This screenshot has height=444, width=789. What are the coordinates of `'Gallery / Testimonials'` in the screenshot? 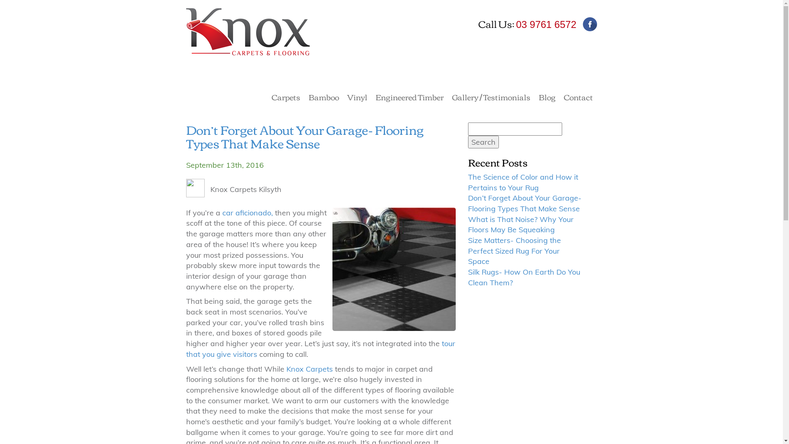 It's located at (491, 98).